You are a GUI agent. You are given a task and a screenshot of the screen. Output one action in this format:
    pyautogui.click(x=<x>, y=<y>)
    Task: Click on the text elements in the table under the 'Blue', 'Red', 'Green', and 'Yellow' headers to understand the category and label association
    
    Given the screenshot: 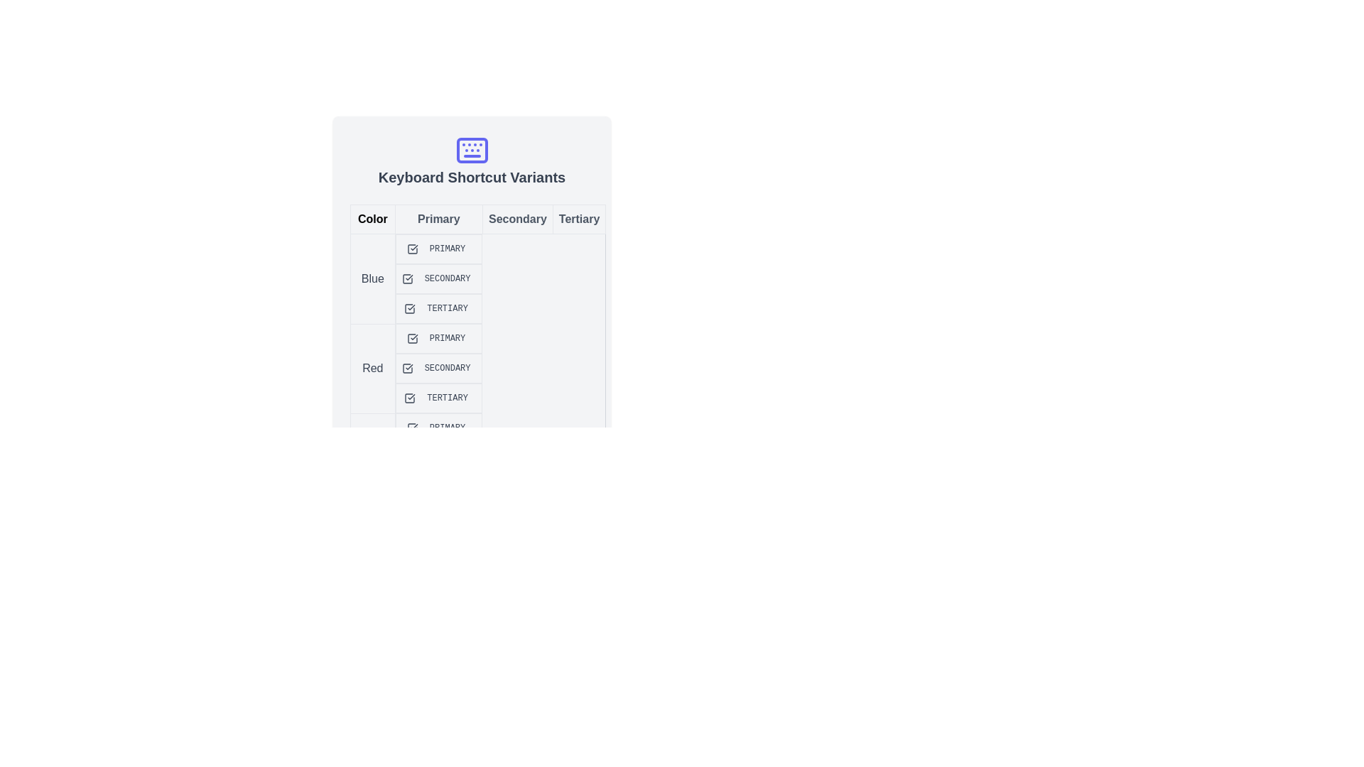 What is the action you would take?
    pyautogui.click(x=478, y=413)
    